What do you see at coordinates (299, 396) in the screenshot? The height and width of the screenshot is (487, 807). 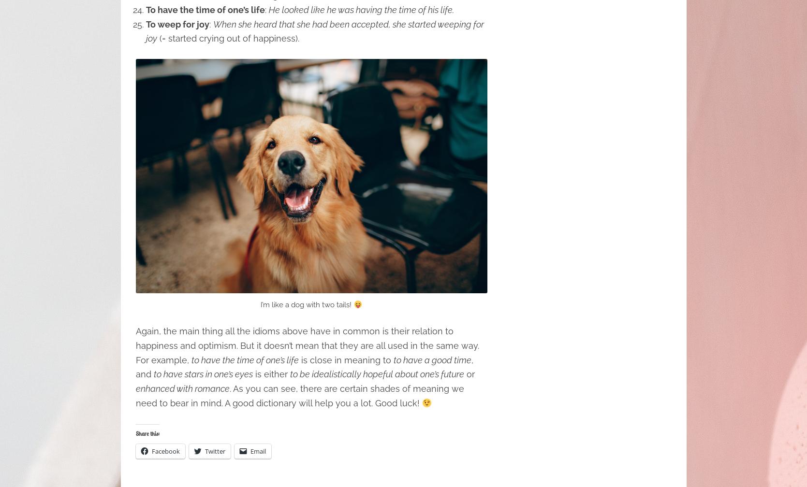 I see `'. As you can see, there are certain shades of meaning we need to bear in mind. A good dictionary will help you a lot. Good luck!'` at bounding box center [299, 396].